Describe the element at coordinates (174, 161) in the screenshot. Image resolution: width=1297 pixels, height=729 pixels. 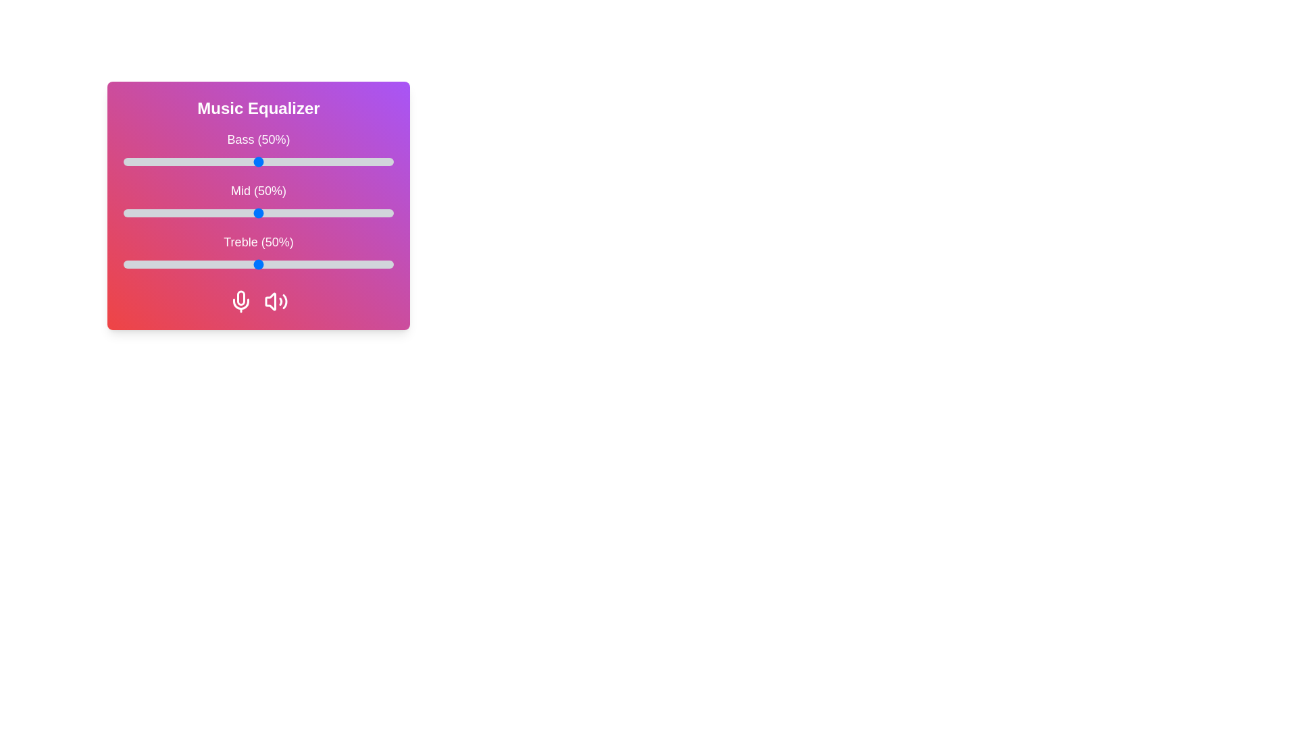
I see `the 0 slider to 19%` at that location.